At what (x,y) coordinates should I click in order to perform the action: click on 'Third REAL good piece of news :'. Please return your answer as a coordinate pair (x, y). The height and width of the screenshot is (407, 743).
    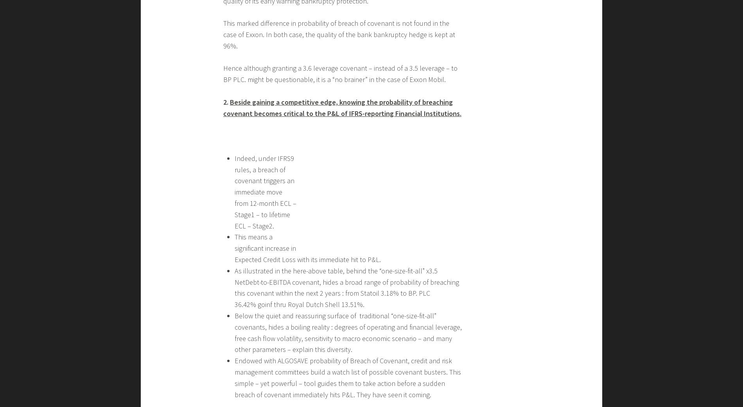
    Looking at the image, I should click on (278, 99).